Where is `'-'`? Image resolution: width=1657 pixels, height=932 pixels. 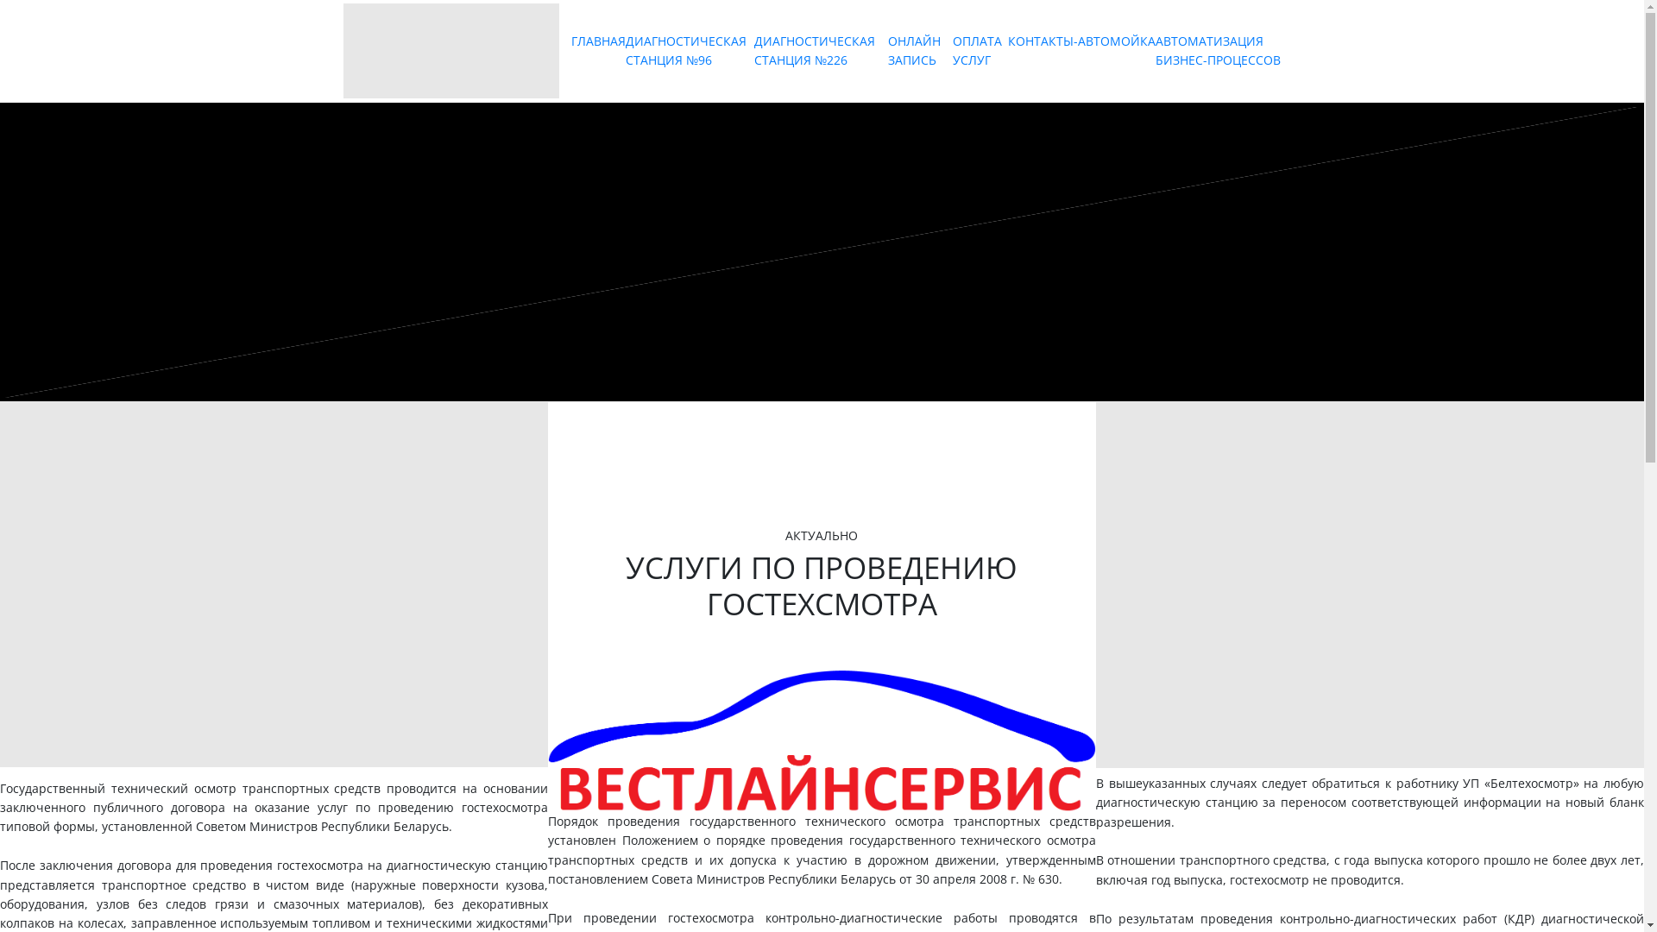
'-' is located at coordinates (1074, 40).